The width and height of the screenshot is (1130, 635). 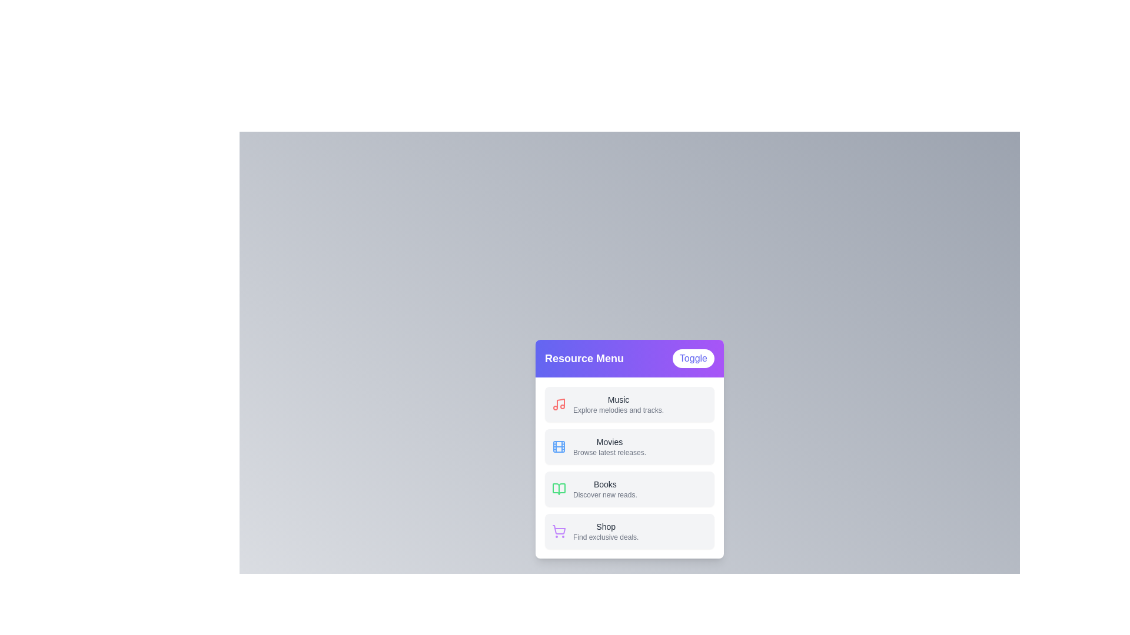 I want to click on the menu item labeled 'Shop', so click(x=629, y=531).